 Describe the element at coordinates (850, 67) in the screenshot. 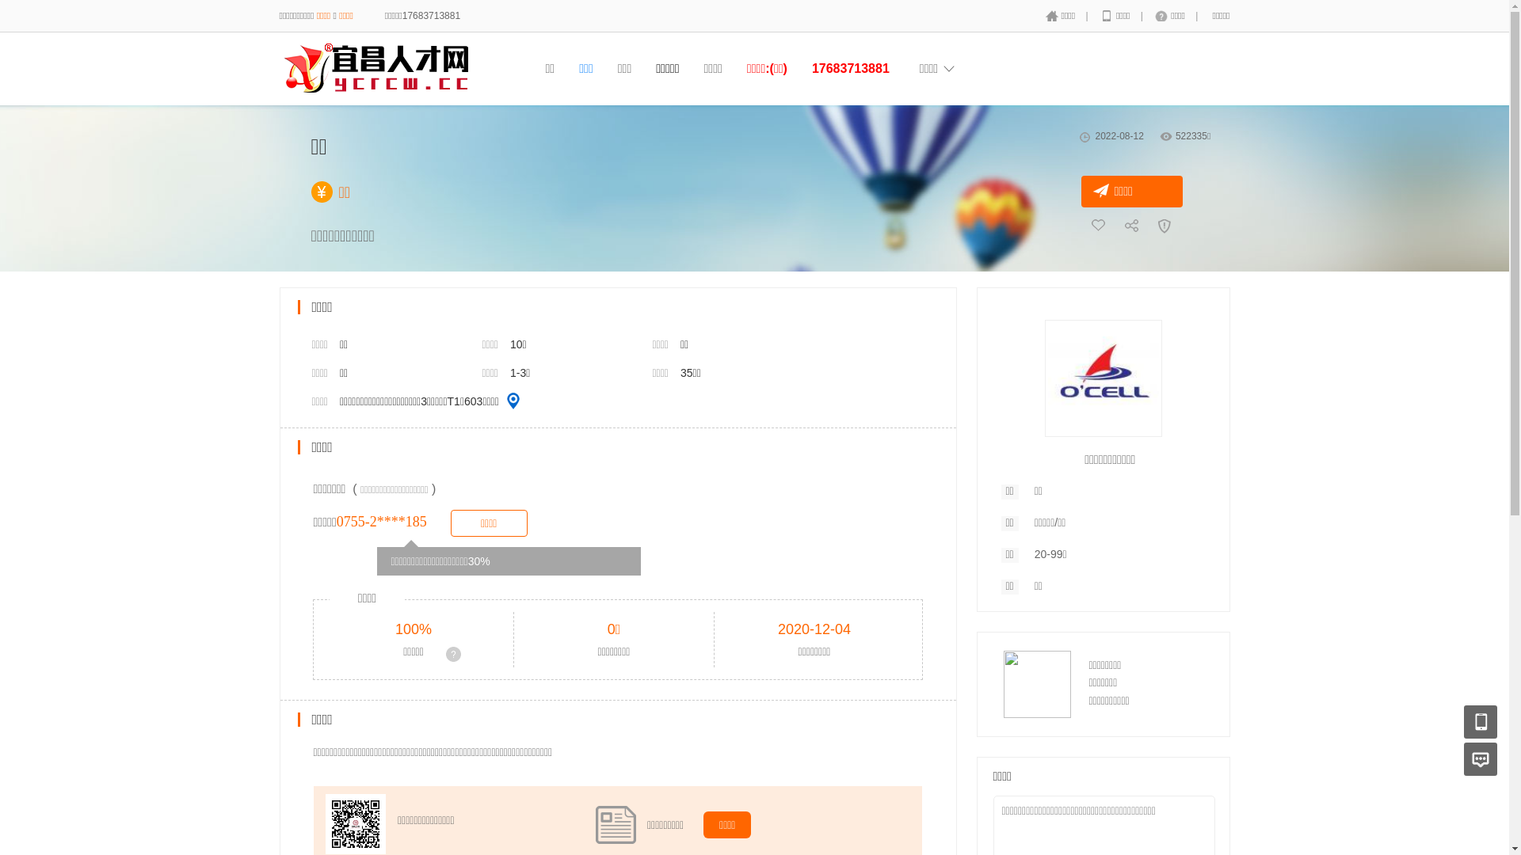

I see `'17683713881'` at that location.